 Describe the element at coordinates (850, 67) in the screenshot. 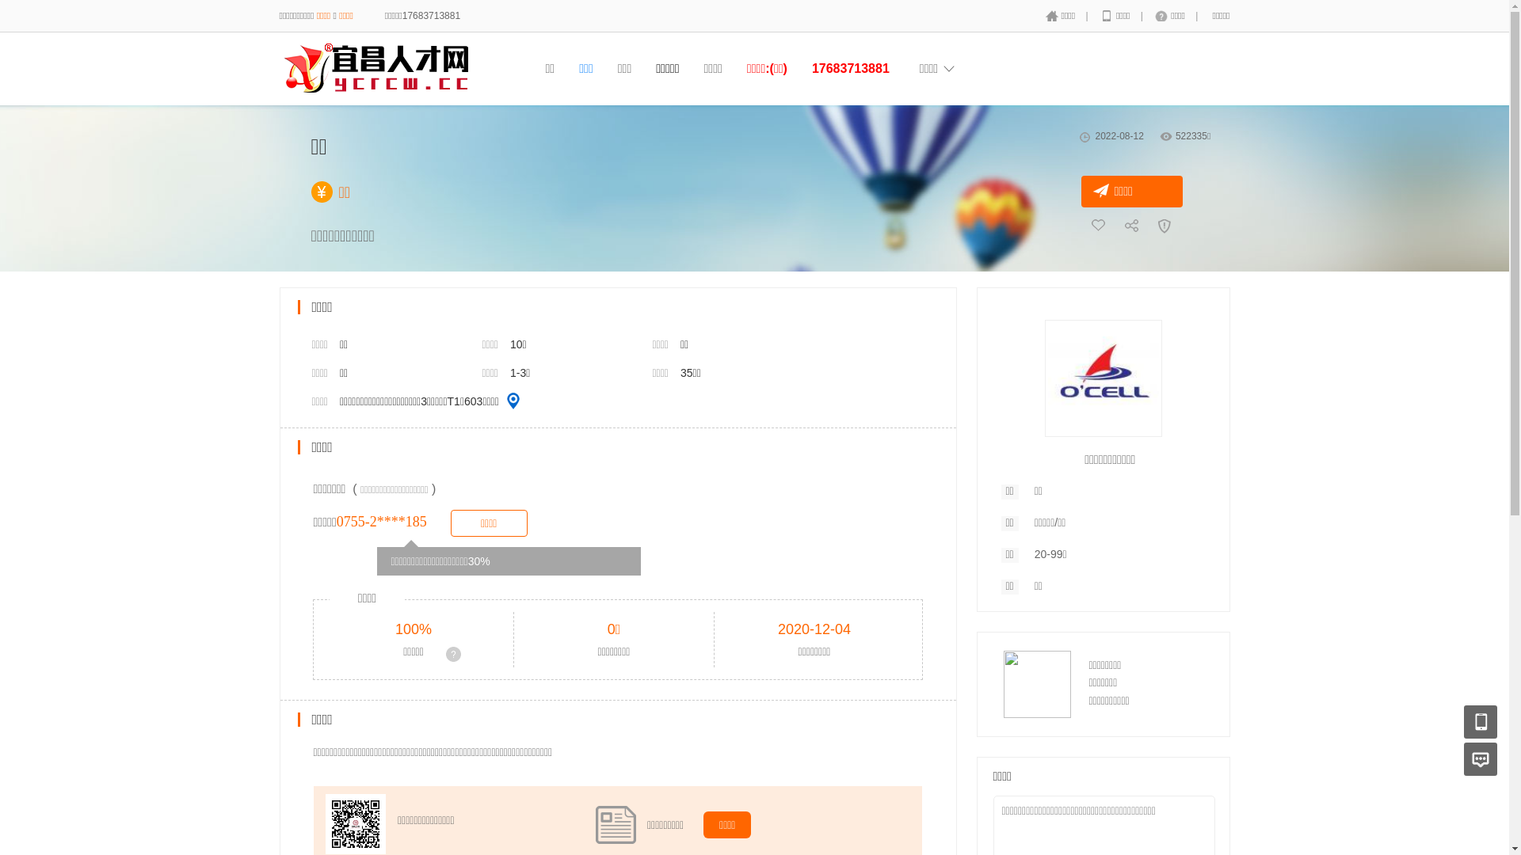

I see `'17683713881'` at that location.